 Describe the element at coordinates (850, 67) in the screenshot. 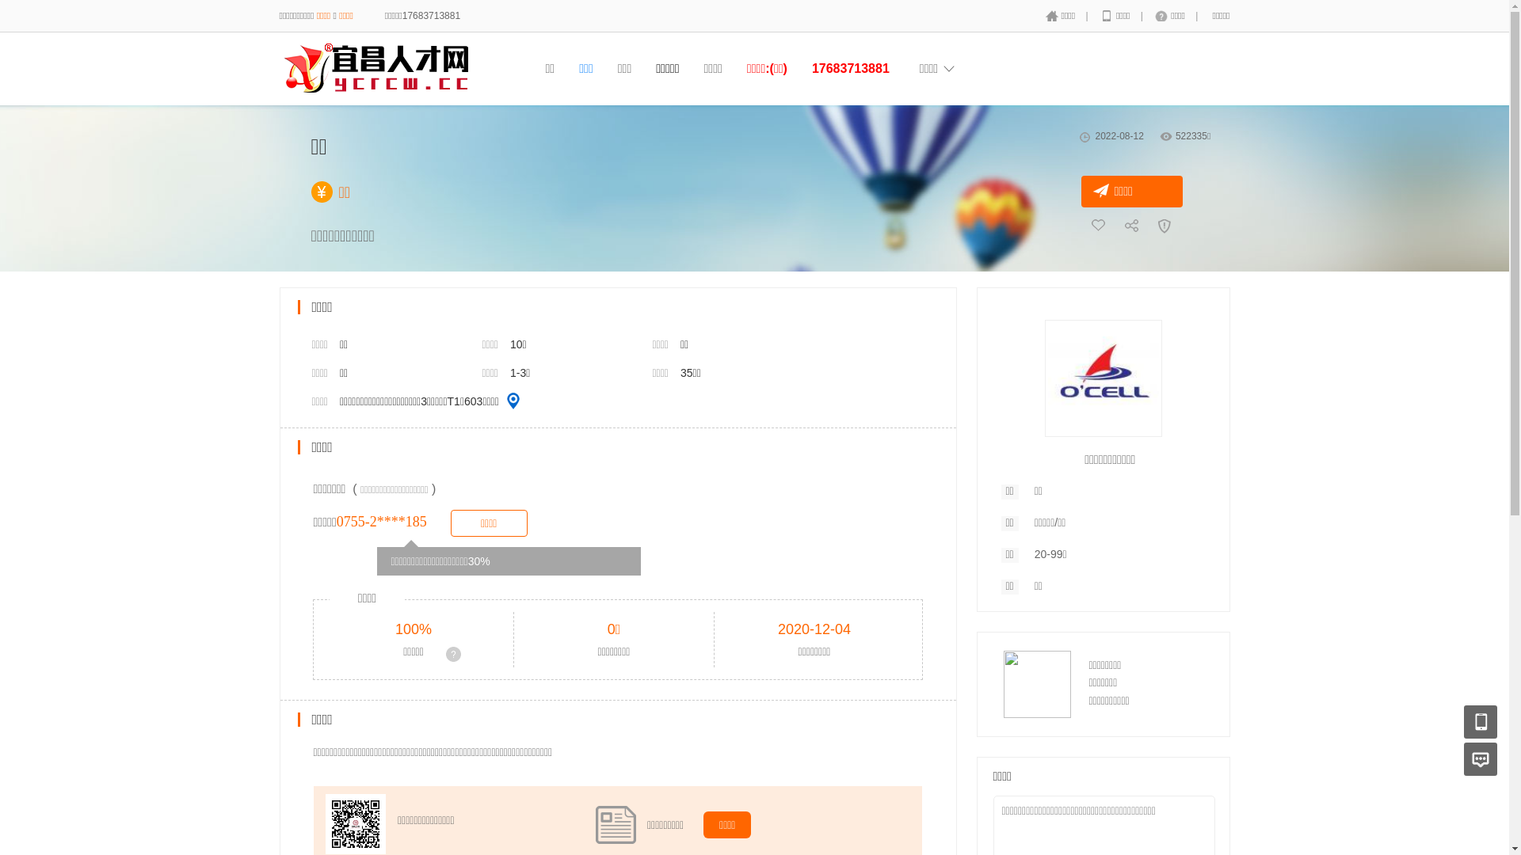

I see `'17683713881'` at that location.